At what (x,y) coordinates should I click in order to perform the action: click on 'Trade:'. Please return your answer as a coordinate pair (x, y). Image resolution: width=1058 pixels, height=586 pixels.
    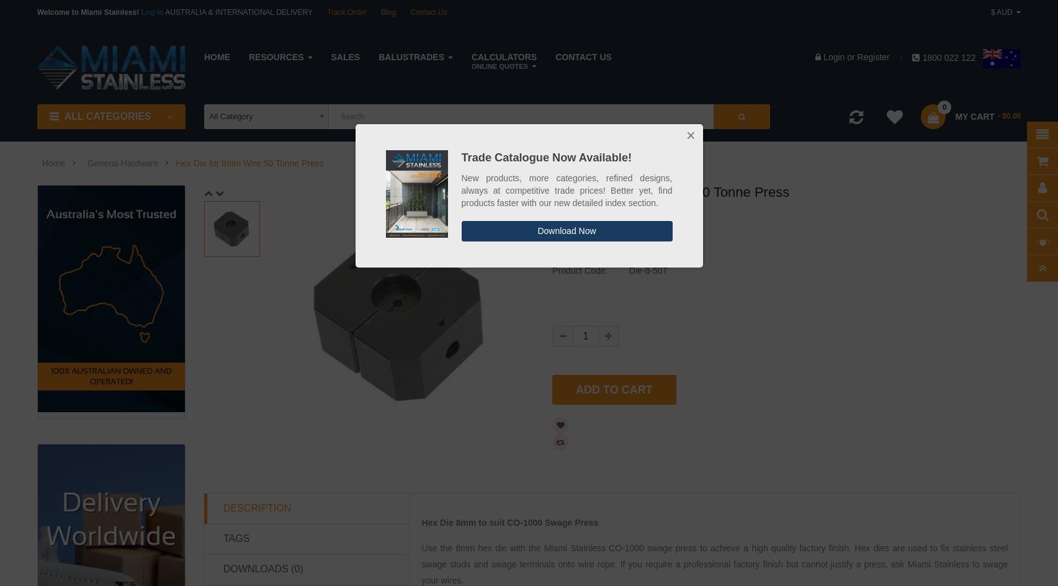
    Looking at the image, I should click on (580, 231).